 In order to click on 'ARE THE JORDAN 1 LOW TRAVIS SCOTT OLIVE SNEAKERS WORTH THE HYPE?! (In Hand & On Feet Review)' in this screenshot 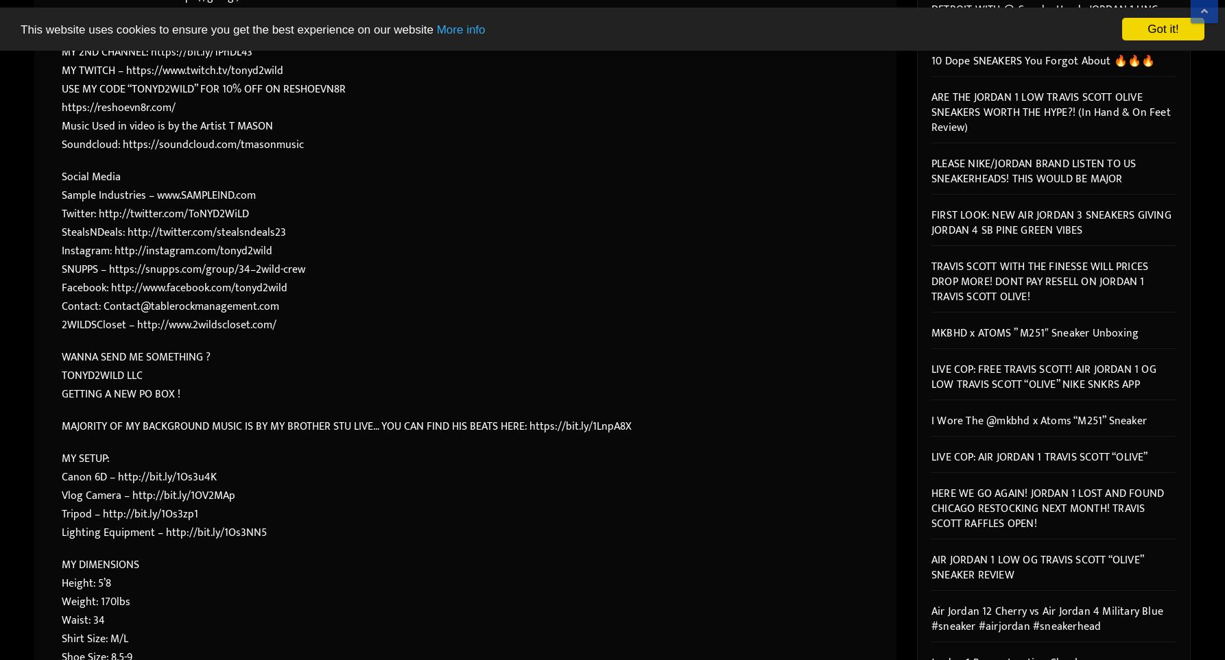, I will do `click(1051, 112)`.